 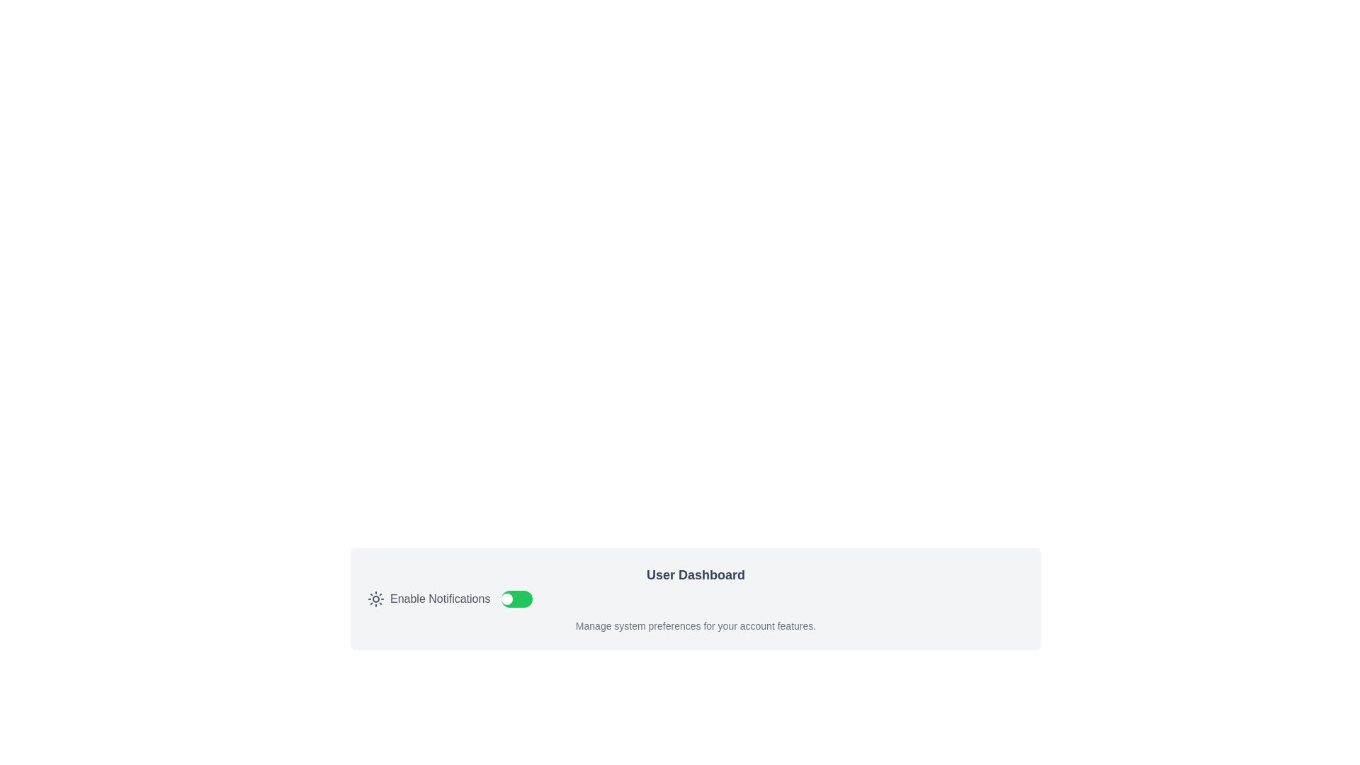 What do you see at coordinates (428, 599) in the screenshot?
I see `'Enable Notifications' label styled with gray font, located beside a toggle switch on the left side of a horizontal layout group` at bounding box center [428, 599].